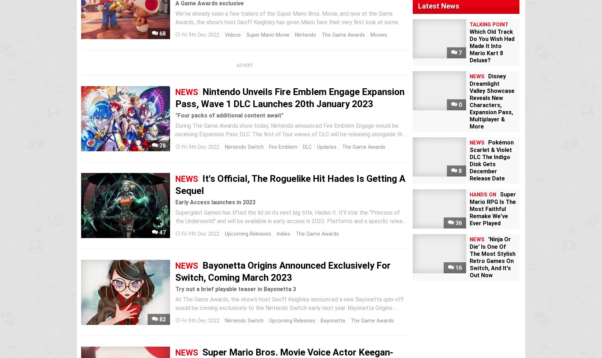 The height and width of the screenshot is (358, 602). Describe the element at coordinates (457, 268) in the screenshot. I see `'16'` at that location.